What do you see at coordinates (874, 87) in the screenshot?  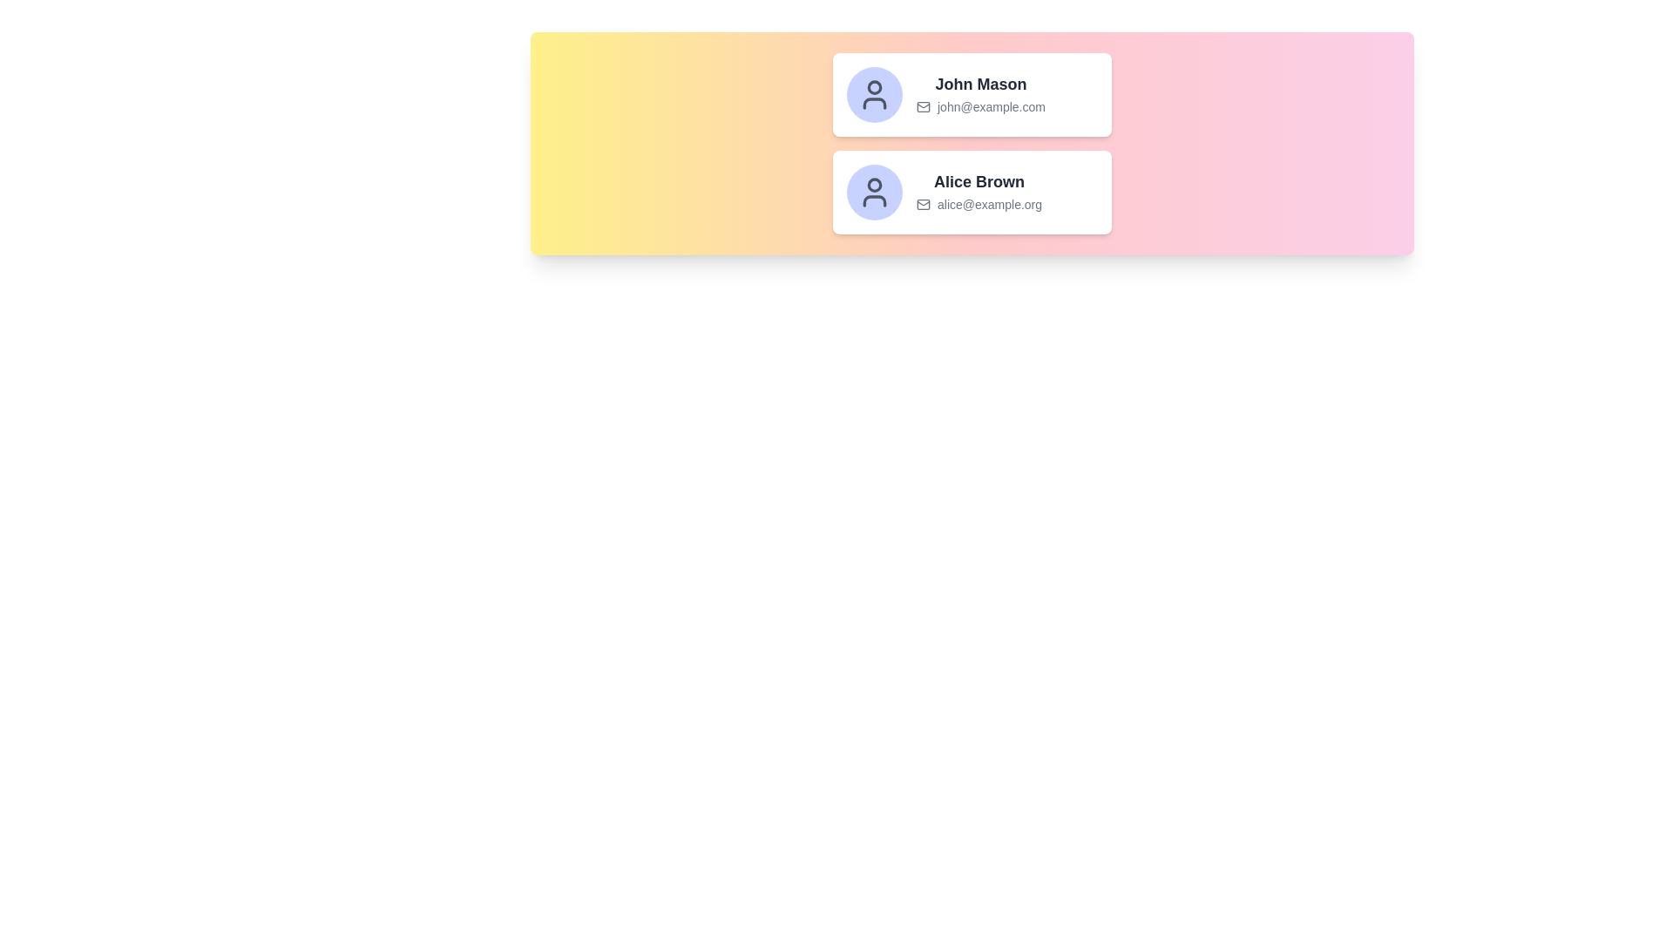 I see `the Circle element within the SVG graphic that indicates the status of user John Mason, located in the profile section of the interface` at bounding box center [874, 87].